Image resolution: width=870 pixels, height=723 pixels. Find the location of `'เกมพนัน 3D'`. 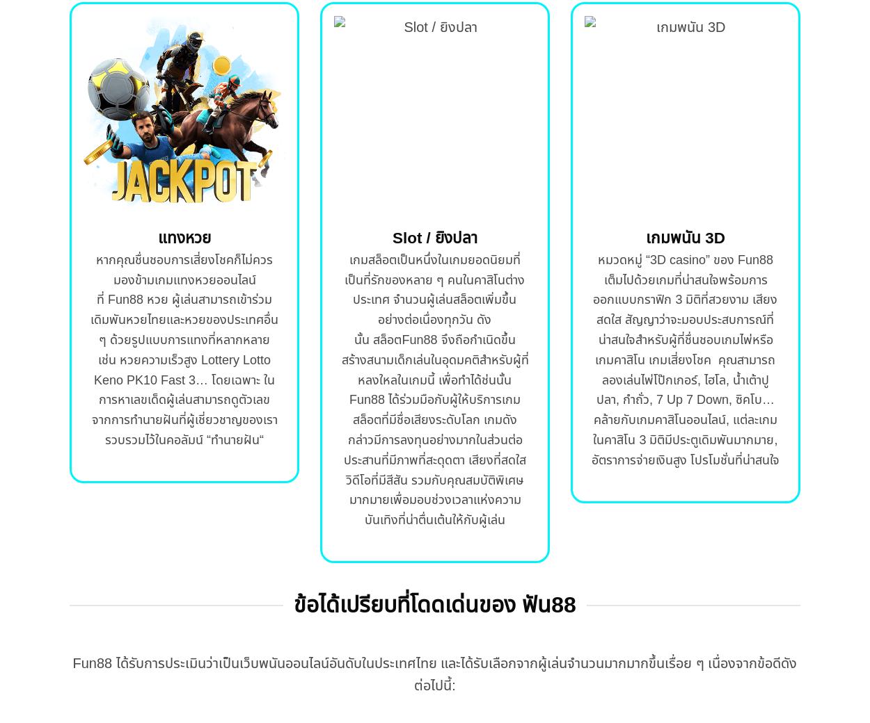

'เกมพนัน 3D' is located at coordinates (684, 237).